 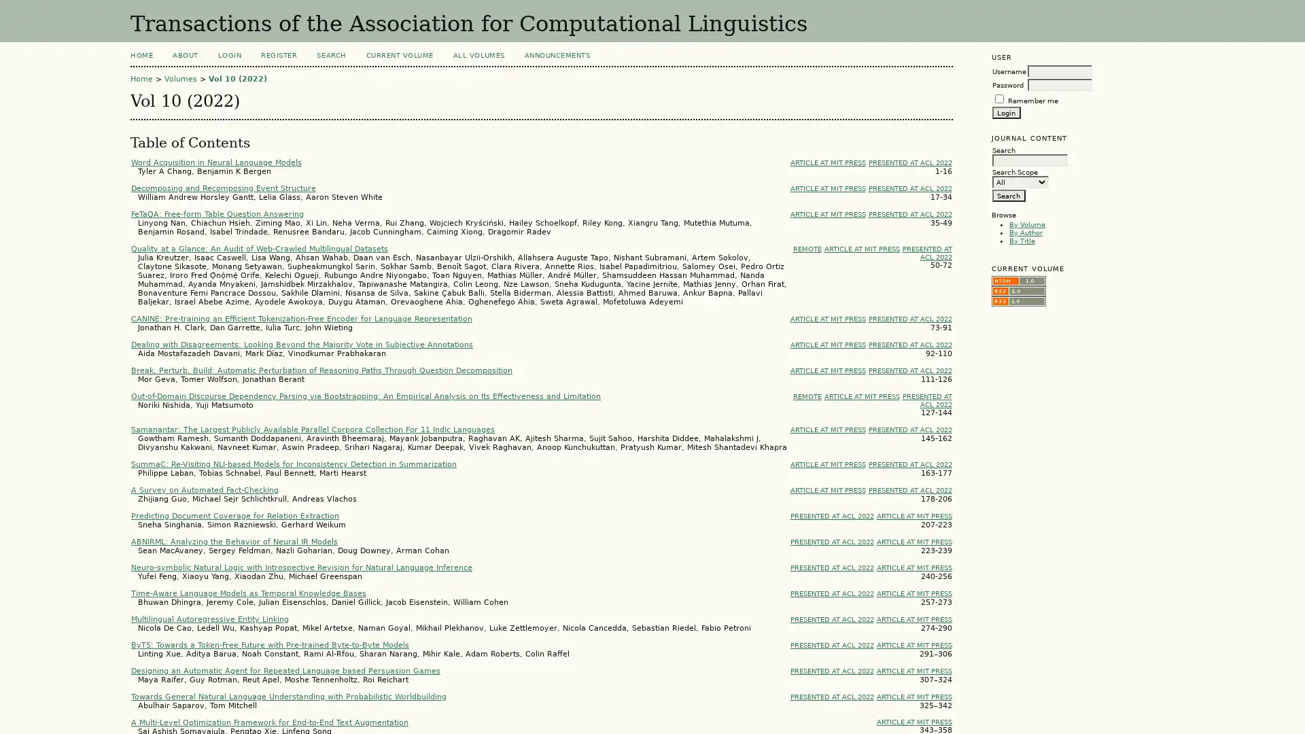 What do you see at coordinates (1006, 111) in the screenshot?
I see `Login` at bounding box center [1006, 111].